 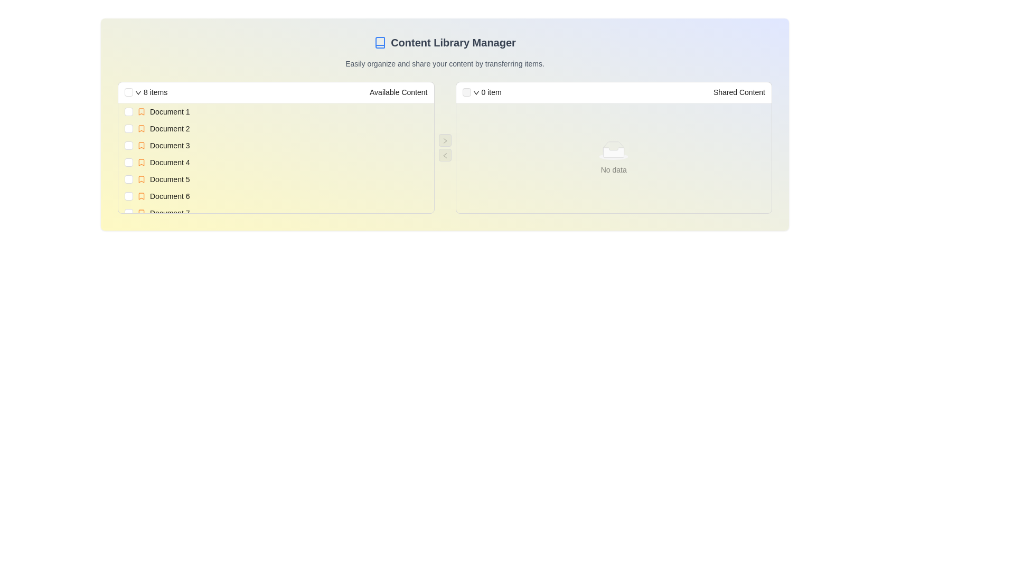 I want to click on the icon element resembling a light blue book schematic, located near the top-center of the interface, close to the 'Content Library Manager' text, so click(x=380, y=42).